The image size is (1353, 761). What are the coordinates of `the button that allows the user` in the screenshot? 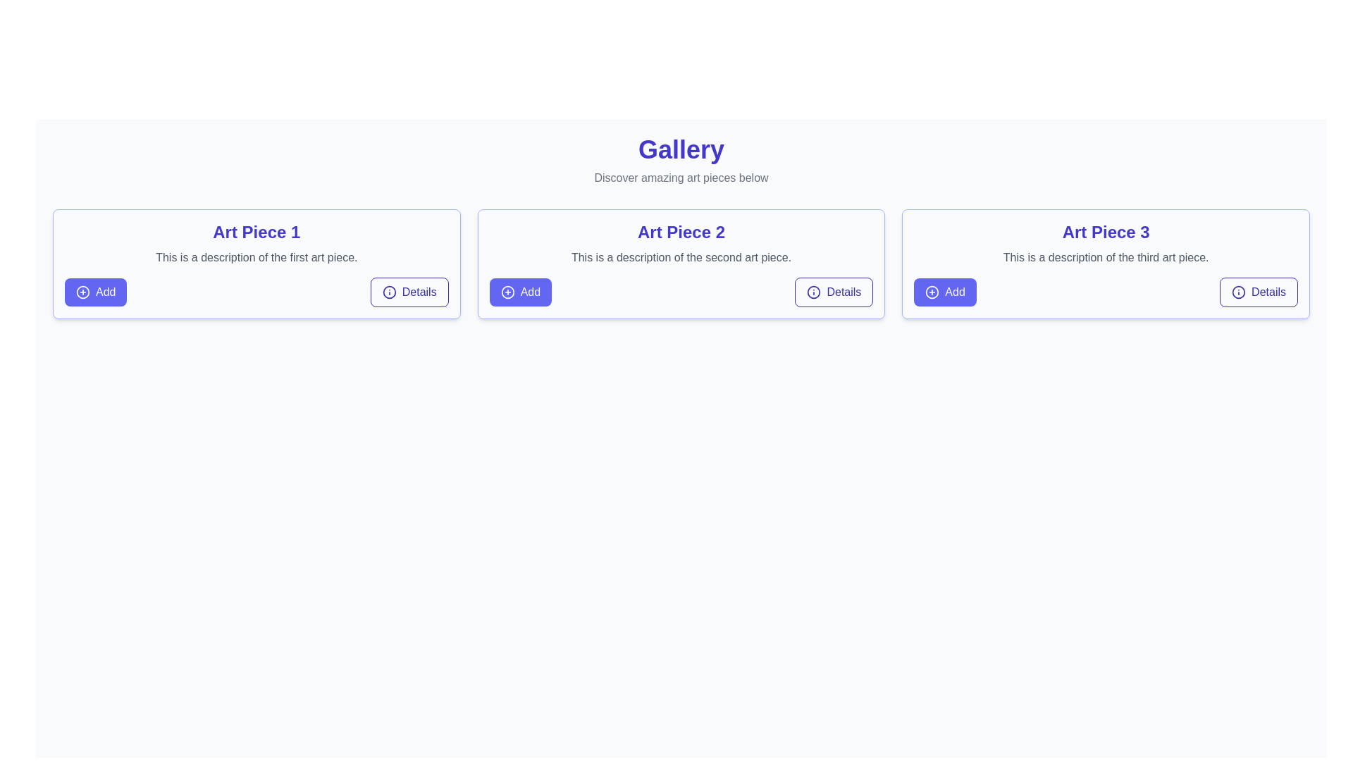 It's located at (945, 292).